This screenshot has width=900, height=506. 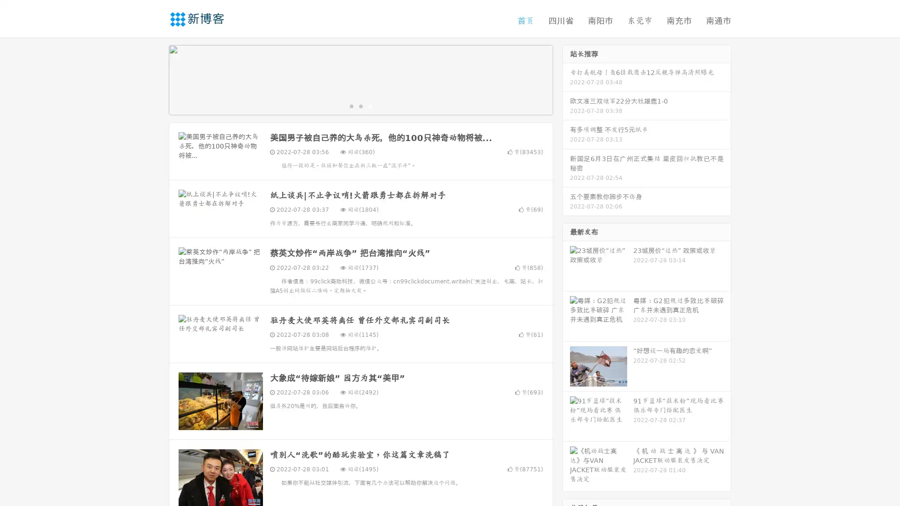 What do you see at coordinates (370, 105) in the screenshot?
I see `Go to slide 3` at bounding box center [370, 105].